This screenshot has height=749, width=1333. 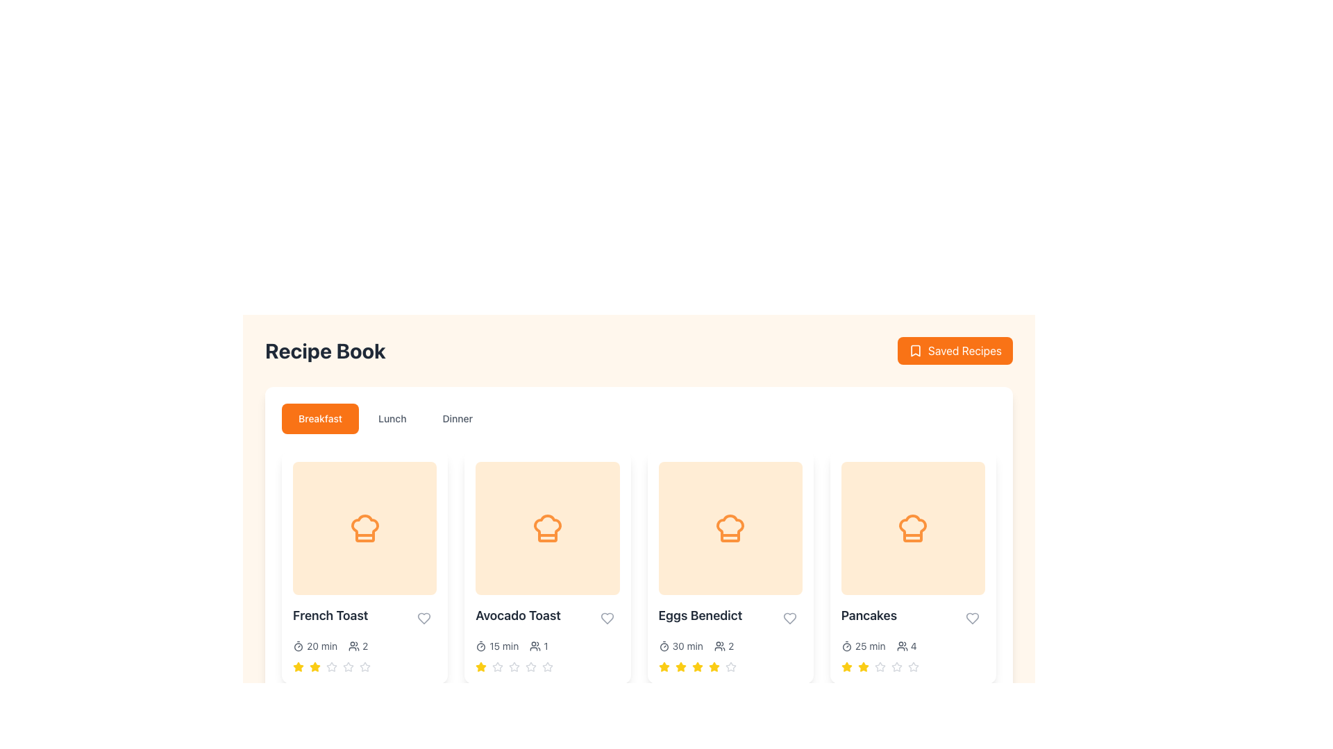 I want to click on the stylized orange chef hat icon located in the second card of the third row below the 'Recipe Book' header, so click(x=730, y=528).